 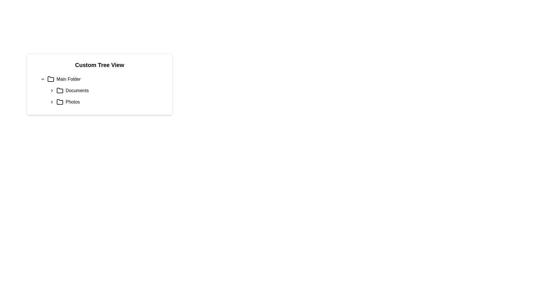 I want to click on the stylized folder icon representing the 'Photos' subfolder in the hierarchical tree view, which is positioned to the left of the 'Photos' label, so click(x=60, y=102).